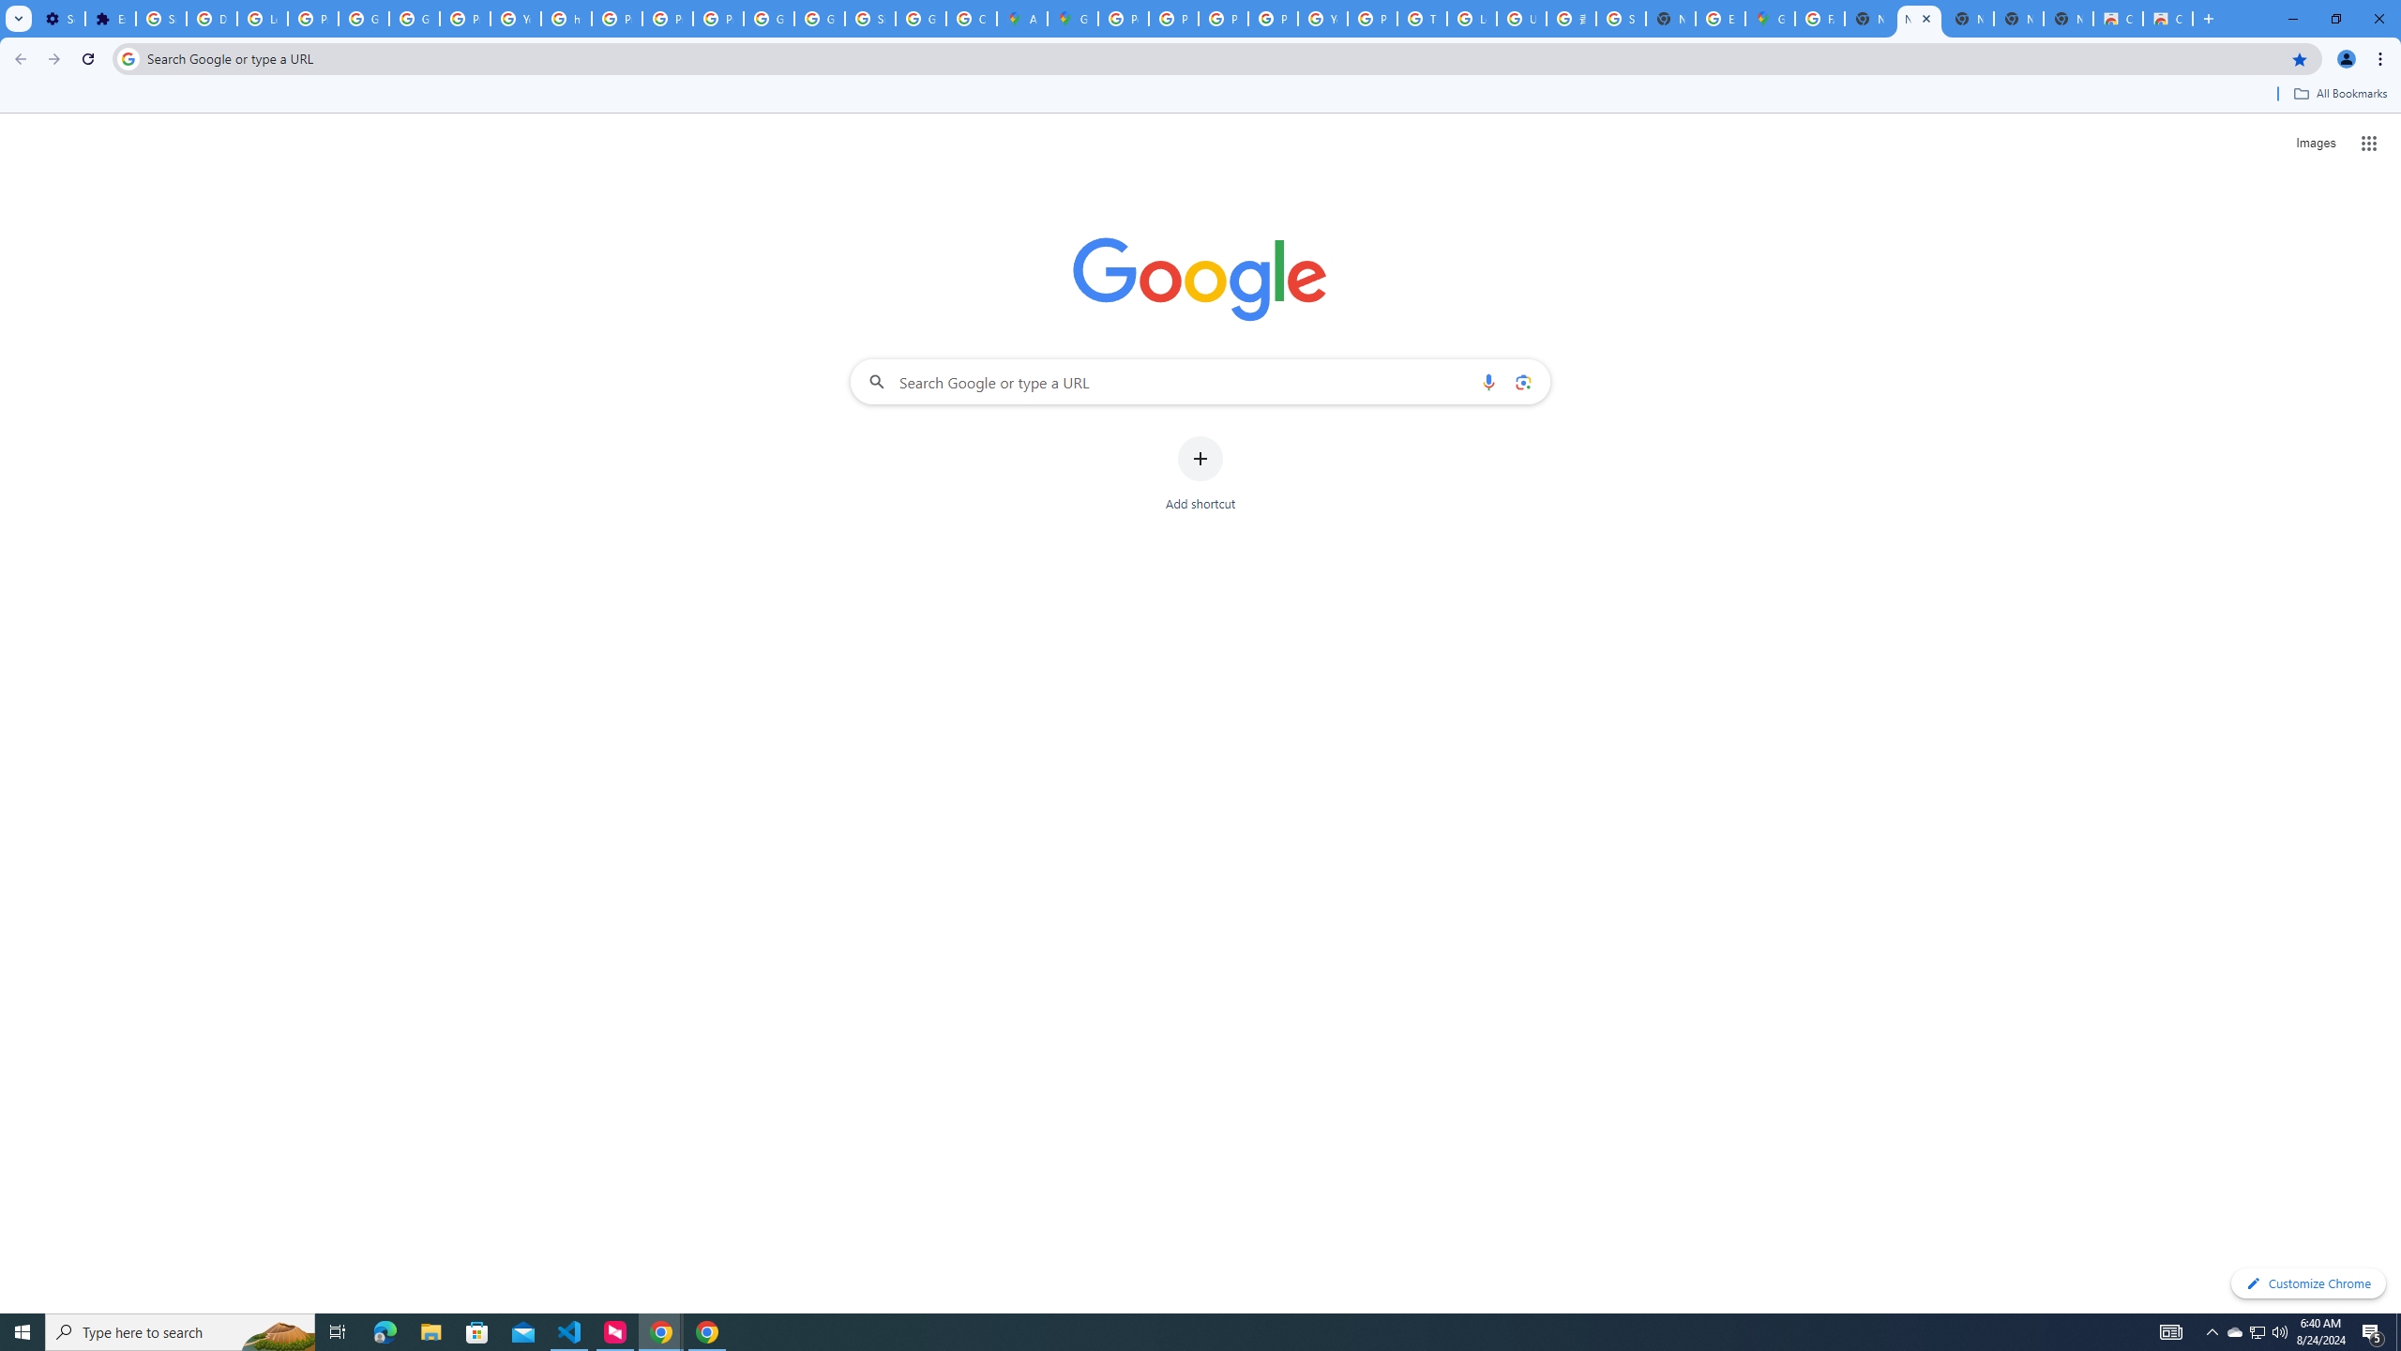  Describe the element at coordinates (1223, 18) in the screenshot. I see `'Privacy Help Center - Policies Help'` at that location.